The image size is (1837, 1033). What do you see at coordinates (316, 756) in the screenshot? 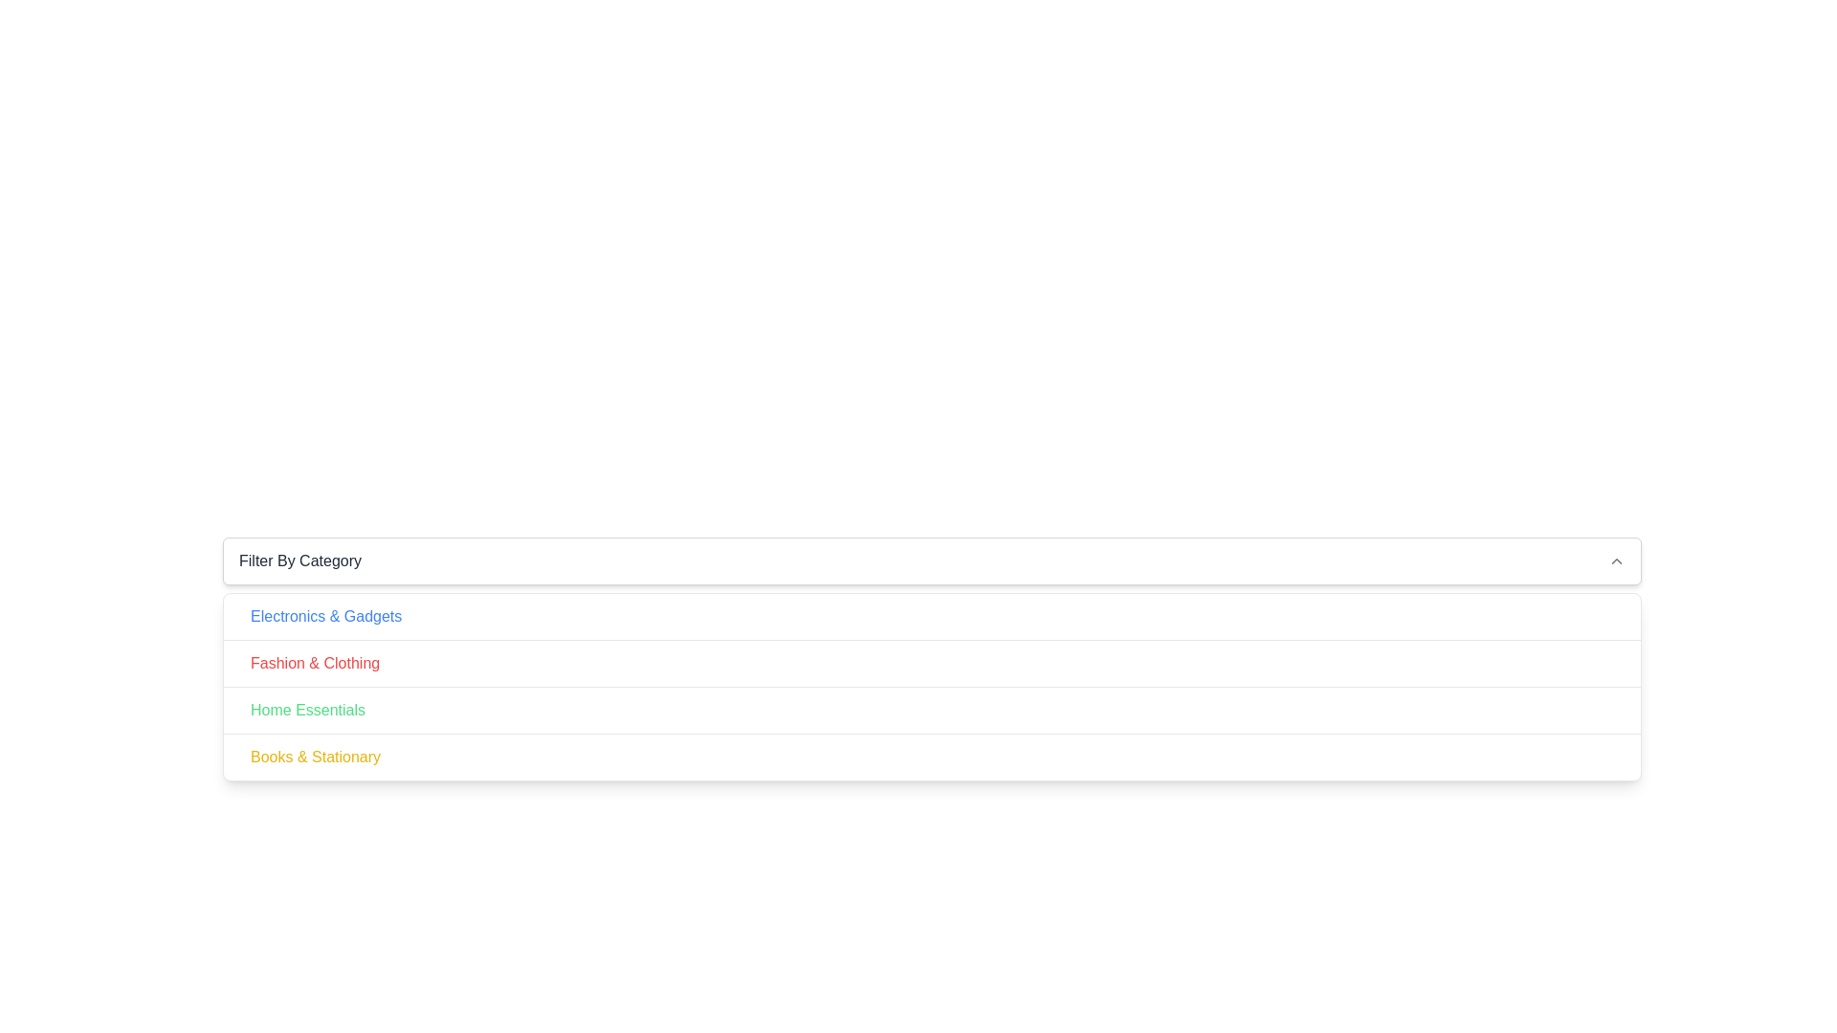
I see `the 'Books & Stationary' category label, which is located in the fourth row of the category list under 'Filter By Category'` at bounding box center [316, 756].